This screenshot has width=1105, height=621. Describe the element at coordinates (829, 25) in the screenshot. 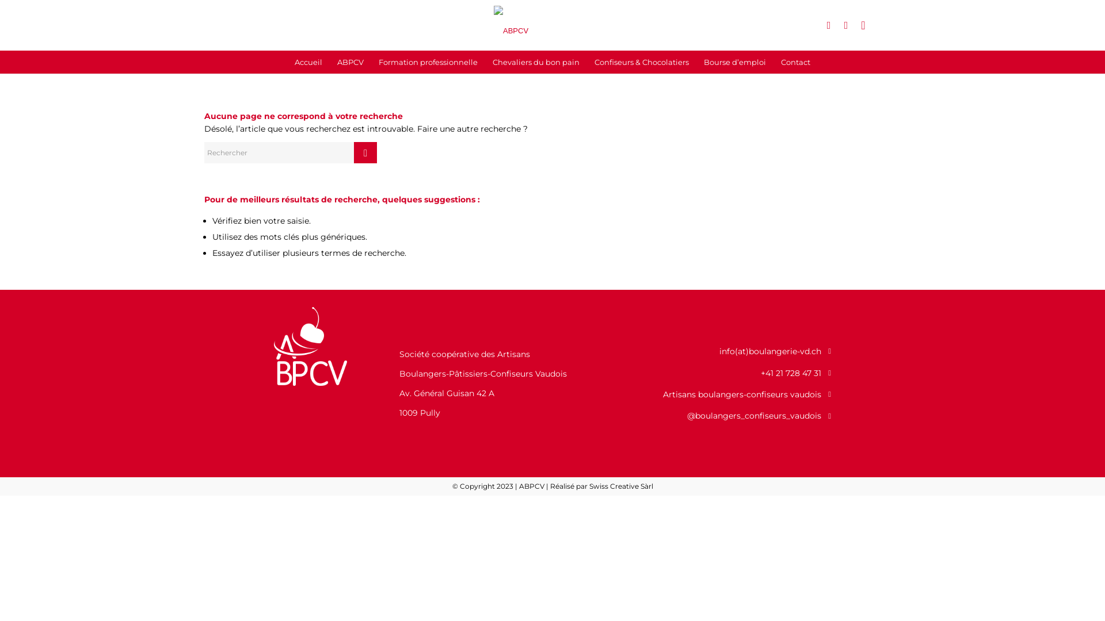

I see `'Facebook'` at that location.